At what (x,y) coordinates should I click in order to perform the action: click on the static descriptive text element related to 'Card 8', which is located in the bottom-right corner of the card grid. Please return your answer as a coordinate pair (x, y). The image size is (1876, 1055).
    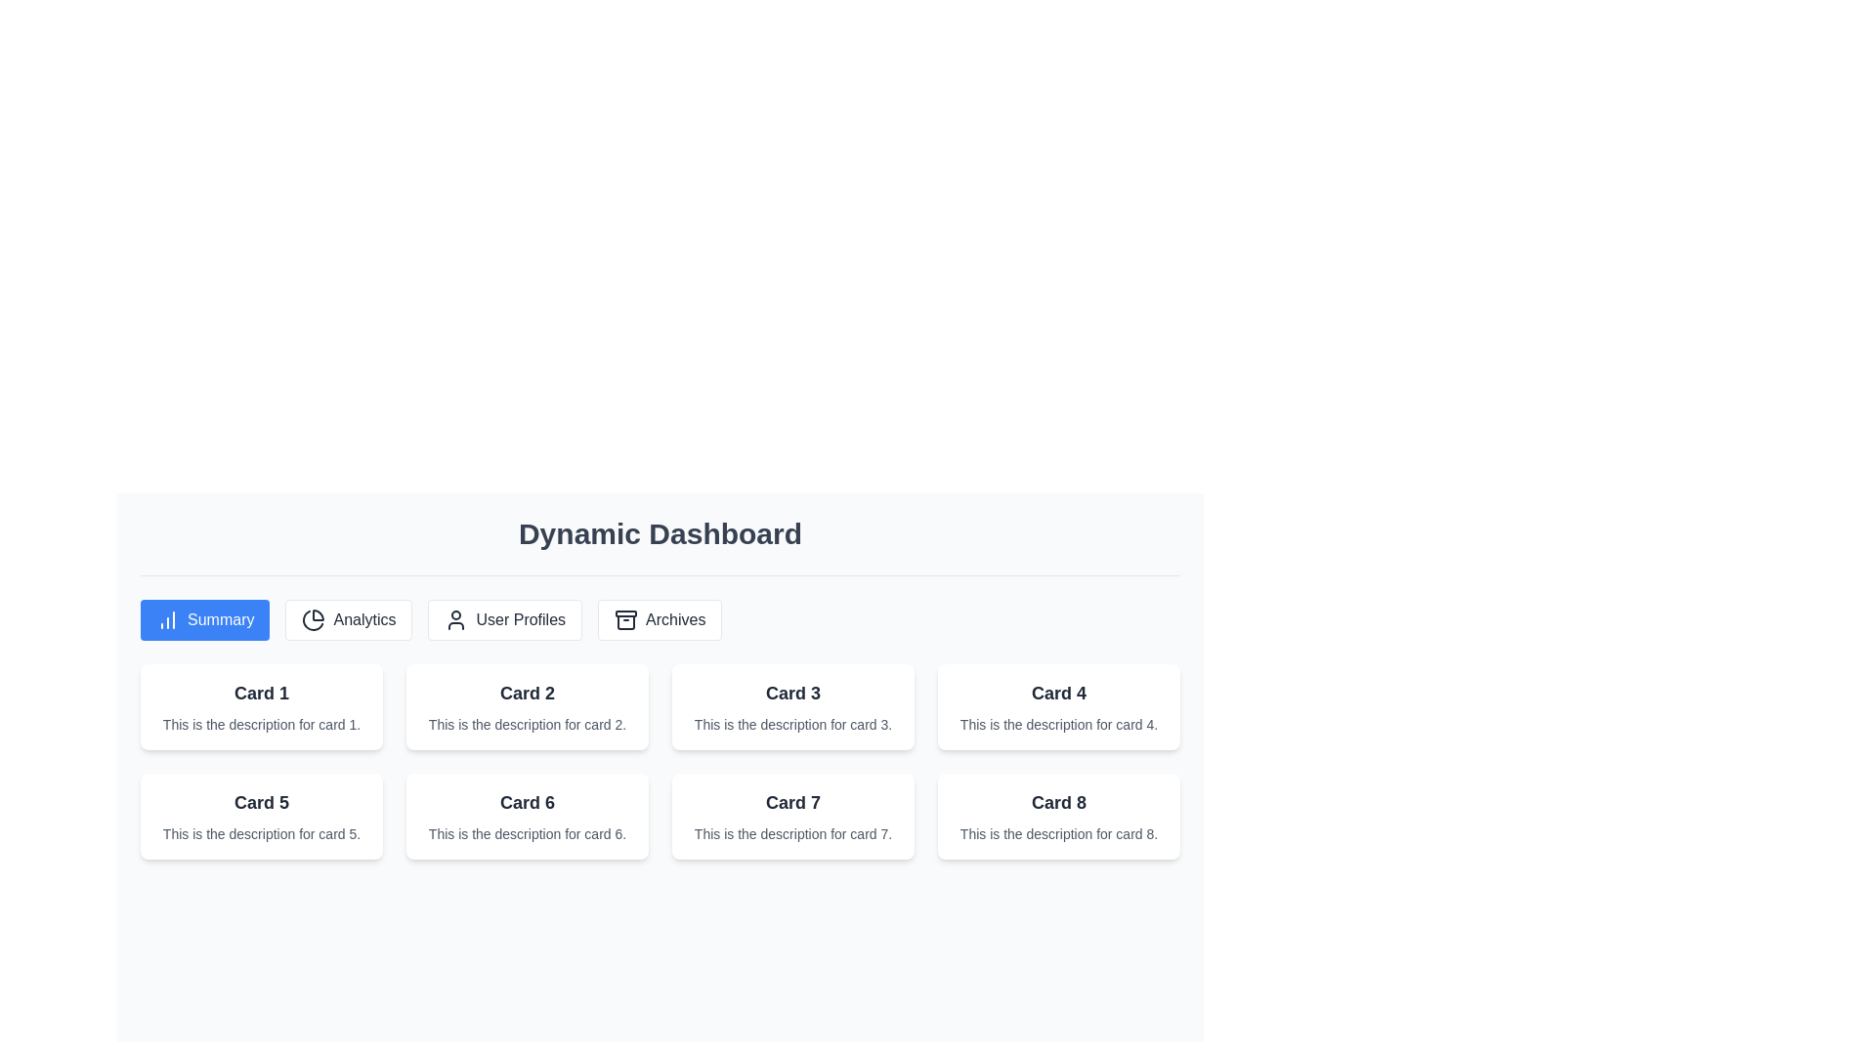
    Looking at the image, I should click on (1058, 833).